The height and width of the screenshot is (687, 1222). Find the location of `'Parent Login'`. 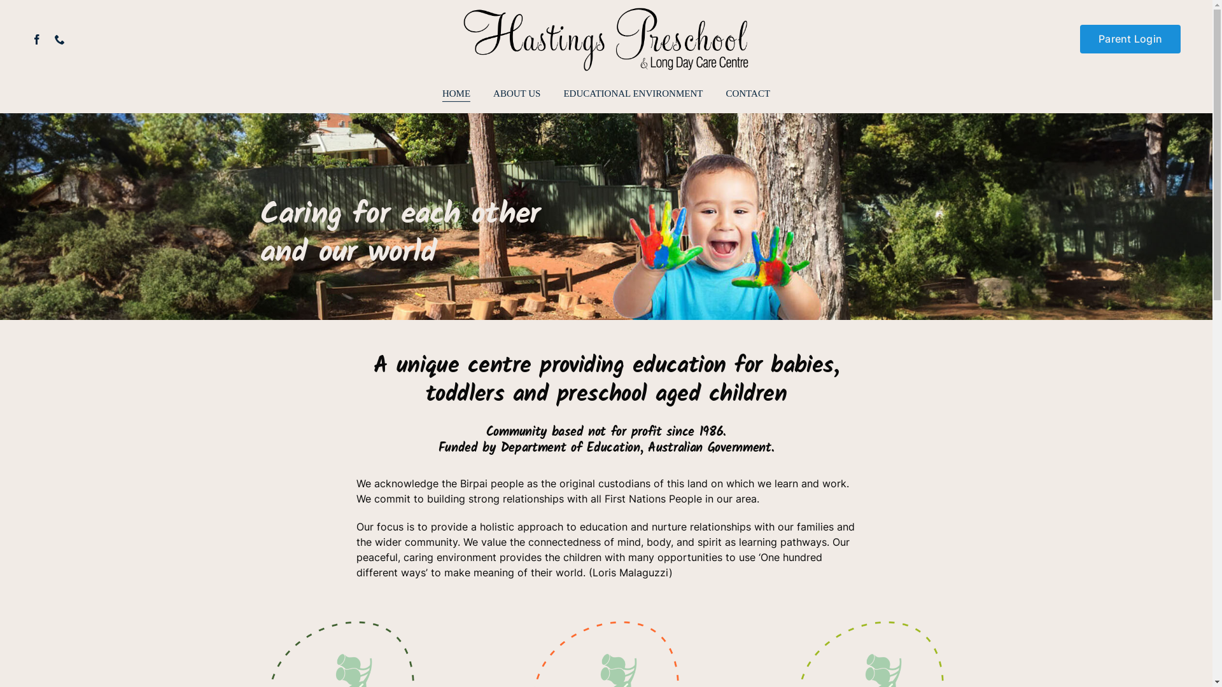

'Parent Login' is located at coordinates (1130, 38).